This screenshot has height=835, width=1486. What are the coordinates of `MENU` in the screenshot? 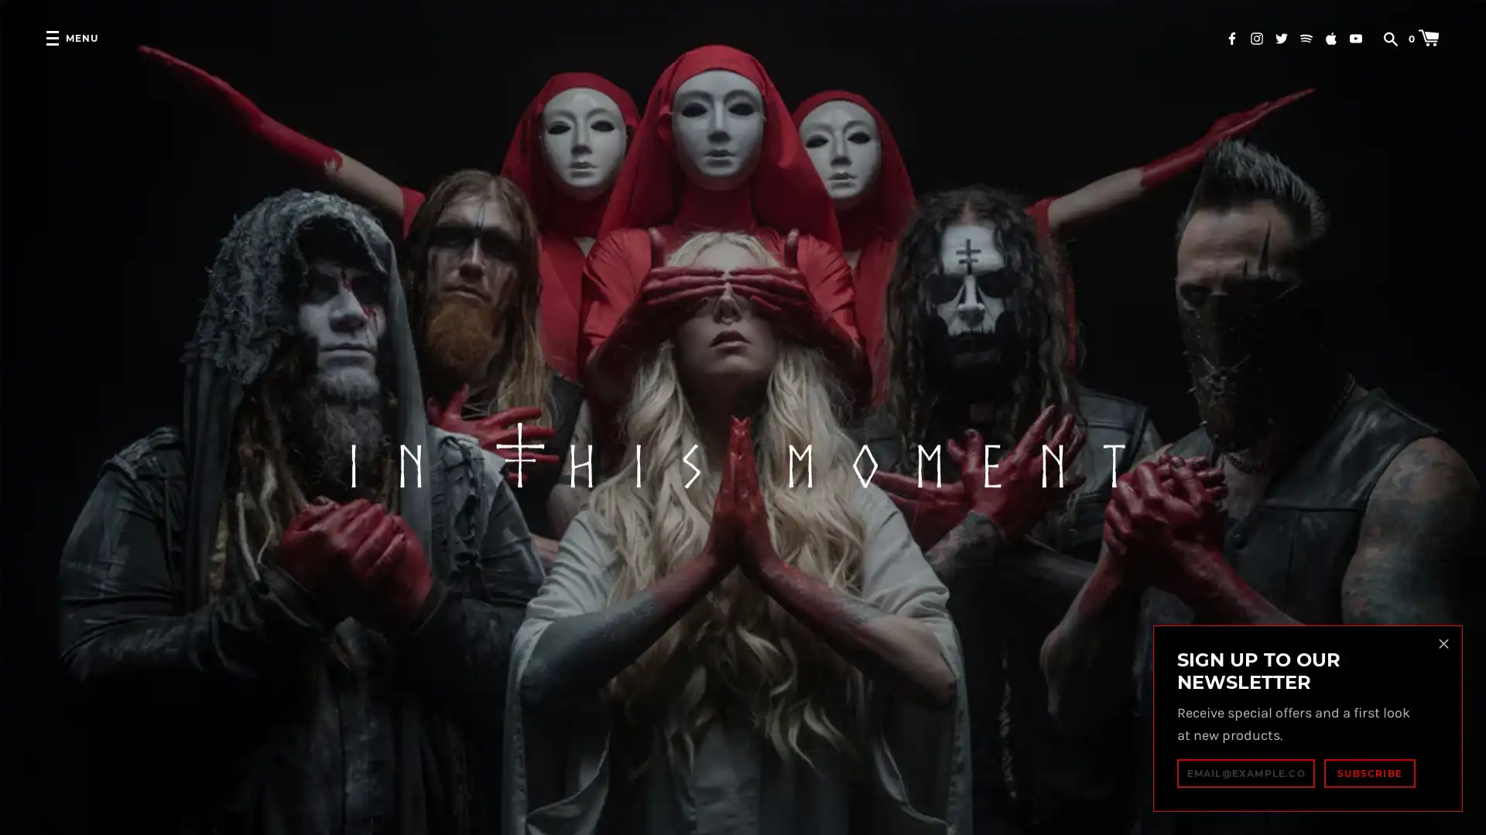 It's located at (71, 38).